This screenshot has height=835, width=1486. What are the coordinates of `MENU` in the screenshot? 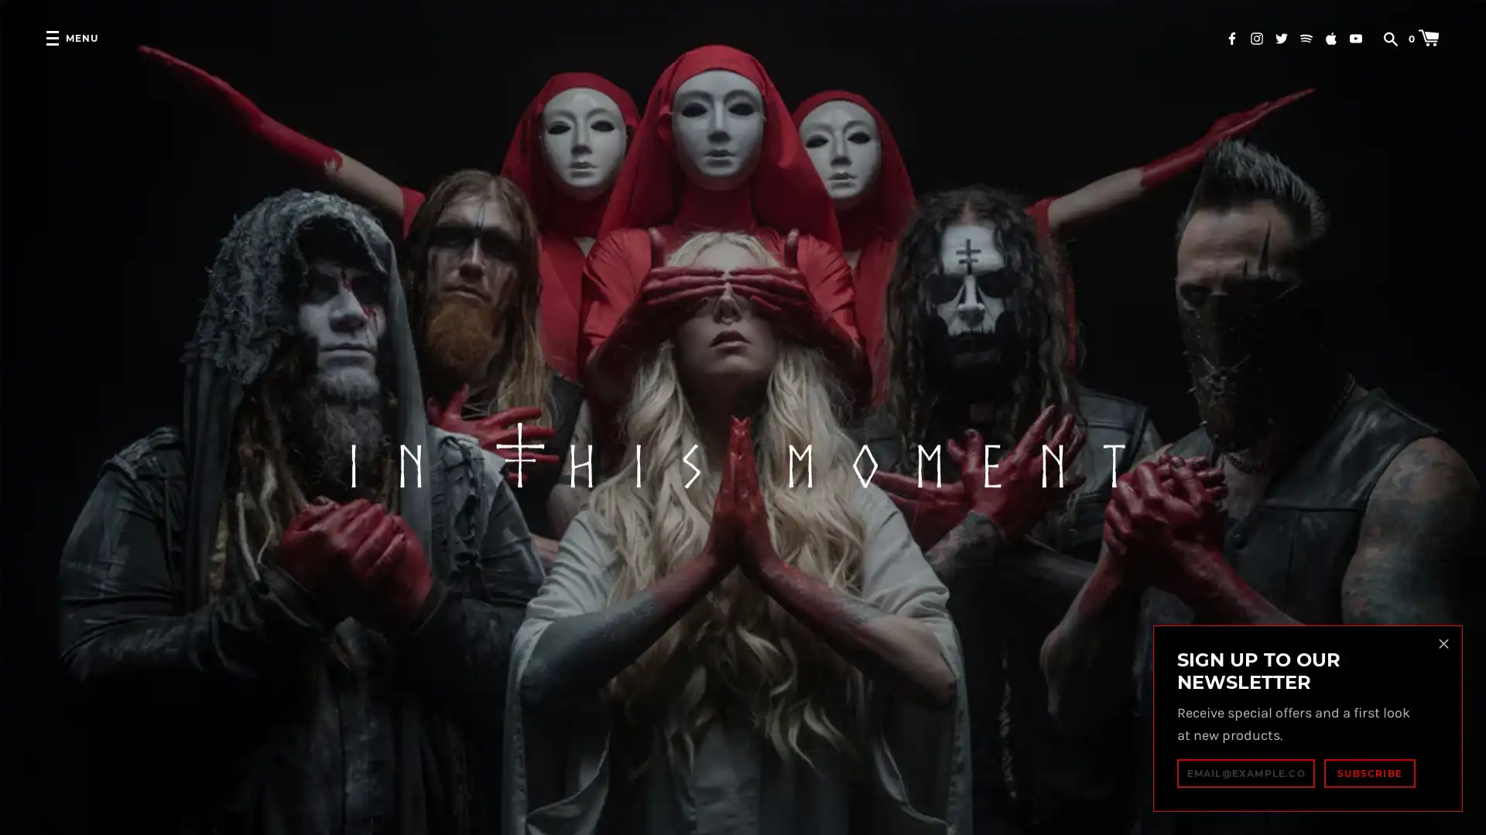 It's located at (71, 38).